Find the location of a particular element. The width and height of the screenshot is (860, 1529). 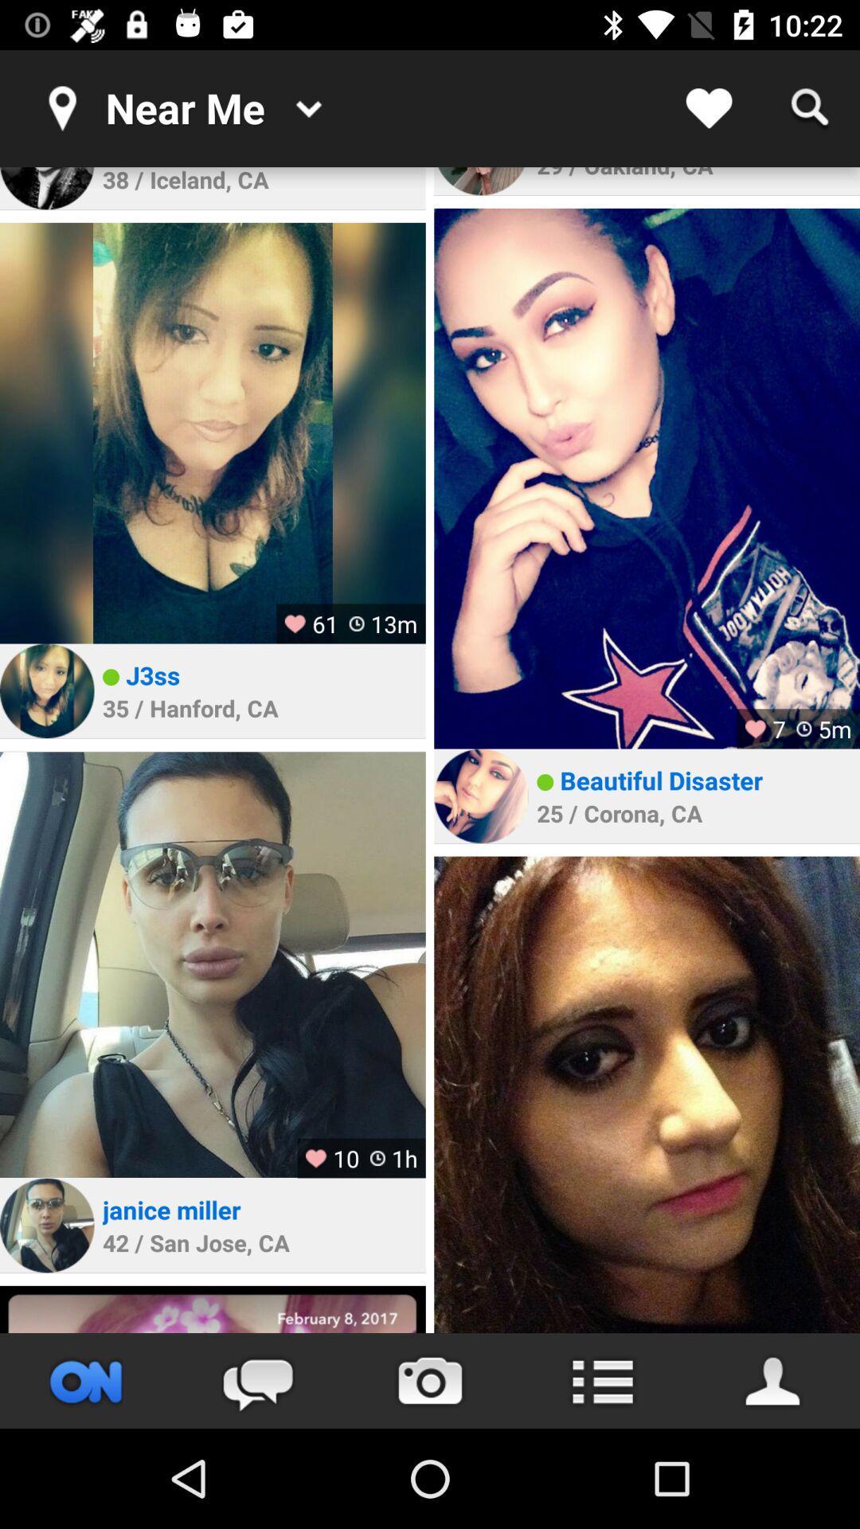

messages is located at coordinates (257, 1380).